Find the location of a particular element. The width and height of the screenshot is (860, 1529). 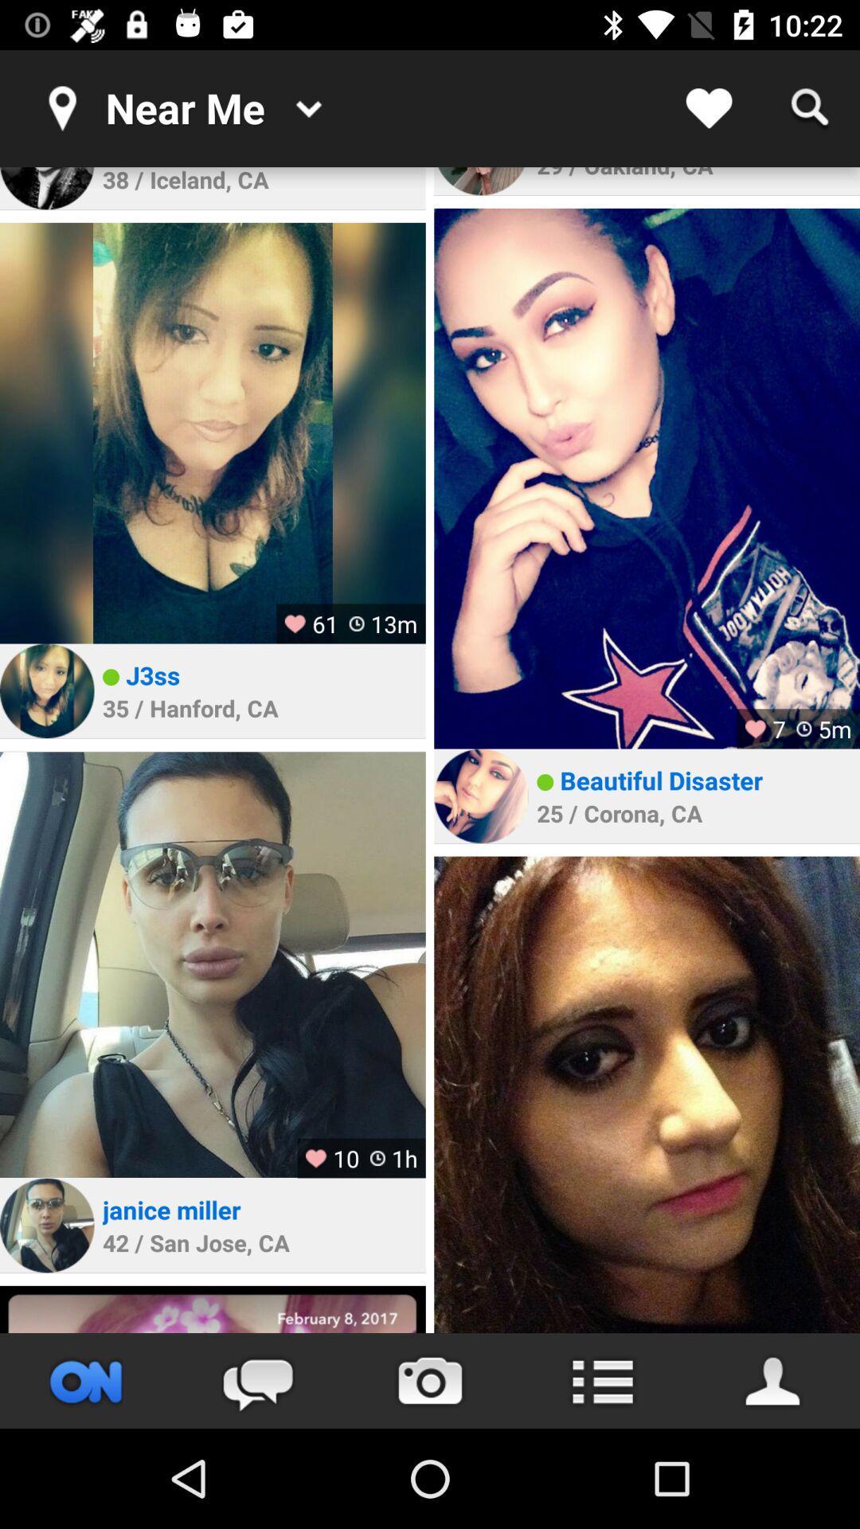

messages is located at coordinates (257, 1380).